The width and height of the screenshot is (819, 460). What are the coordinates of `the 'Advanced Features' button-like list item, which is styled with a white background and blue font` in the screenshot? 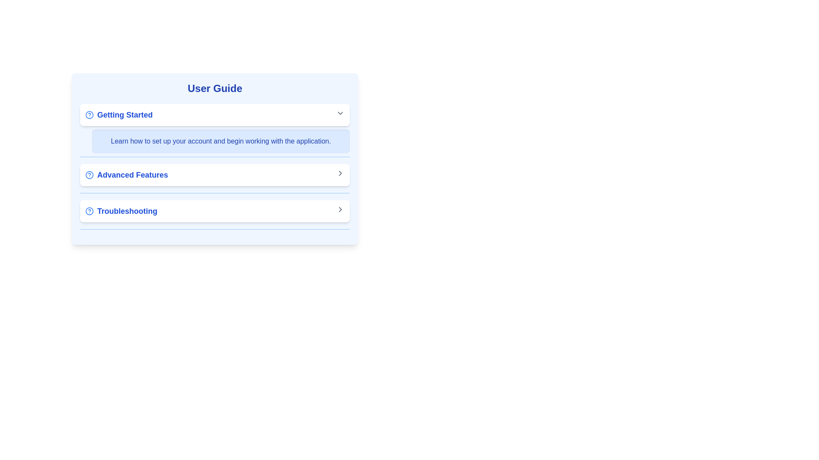 It's located at (215, 178).